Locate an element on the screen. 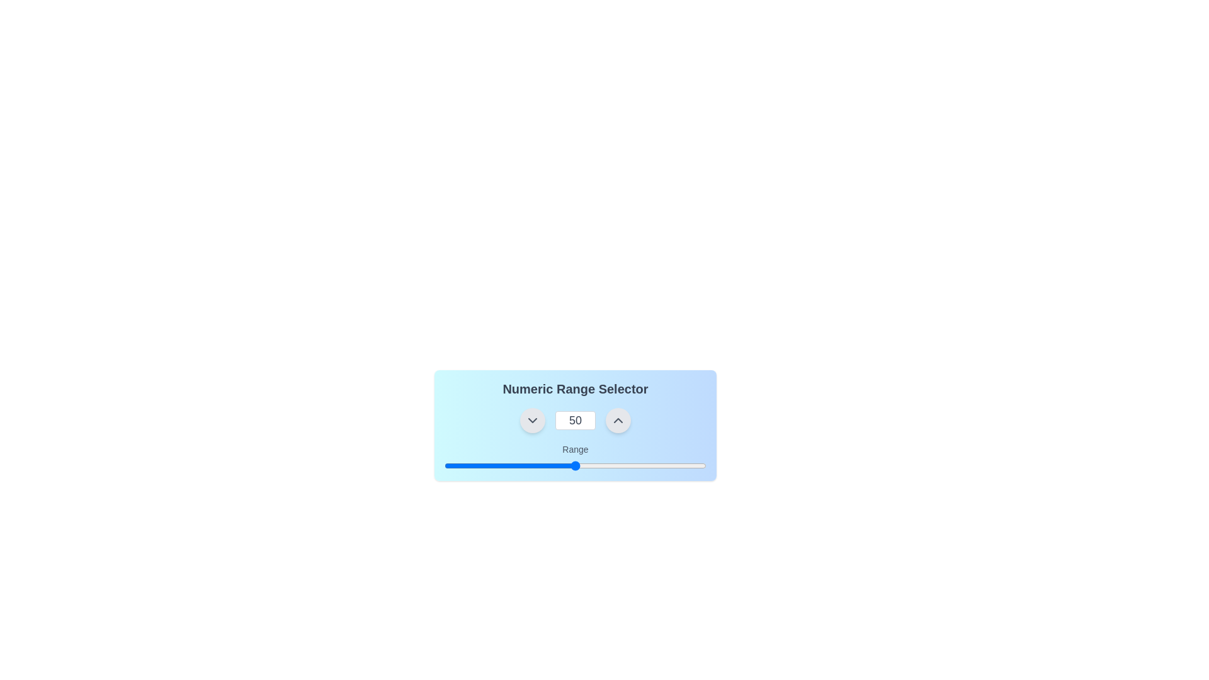 The image size is (1209, 680). range is located at coordinates (587, 466).